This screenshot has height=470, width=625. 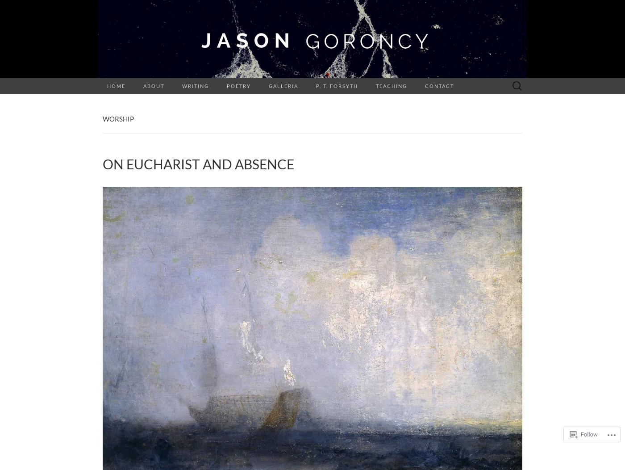 I want to click on 'Follow', so click(x=588, y=434).